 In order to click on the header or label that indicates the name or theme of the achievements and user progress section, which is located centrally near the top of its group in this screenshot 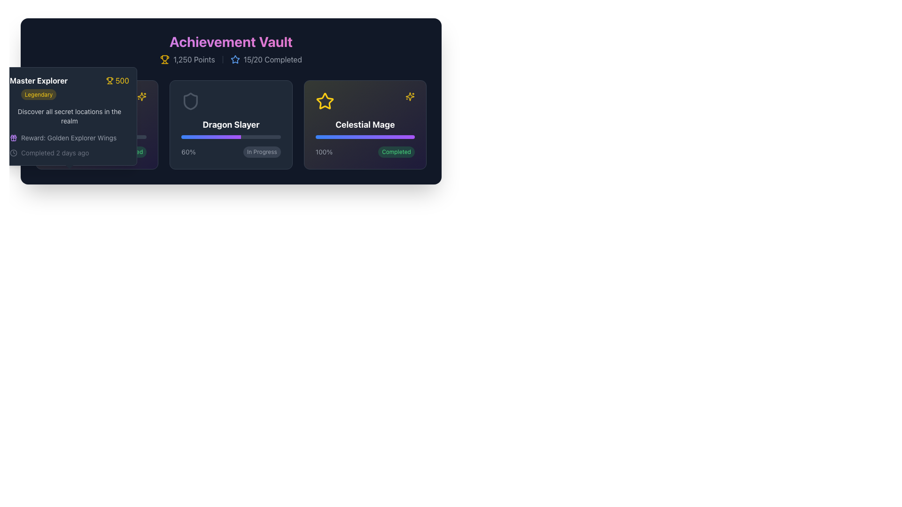, I will do `click(231, 41)`.